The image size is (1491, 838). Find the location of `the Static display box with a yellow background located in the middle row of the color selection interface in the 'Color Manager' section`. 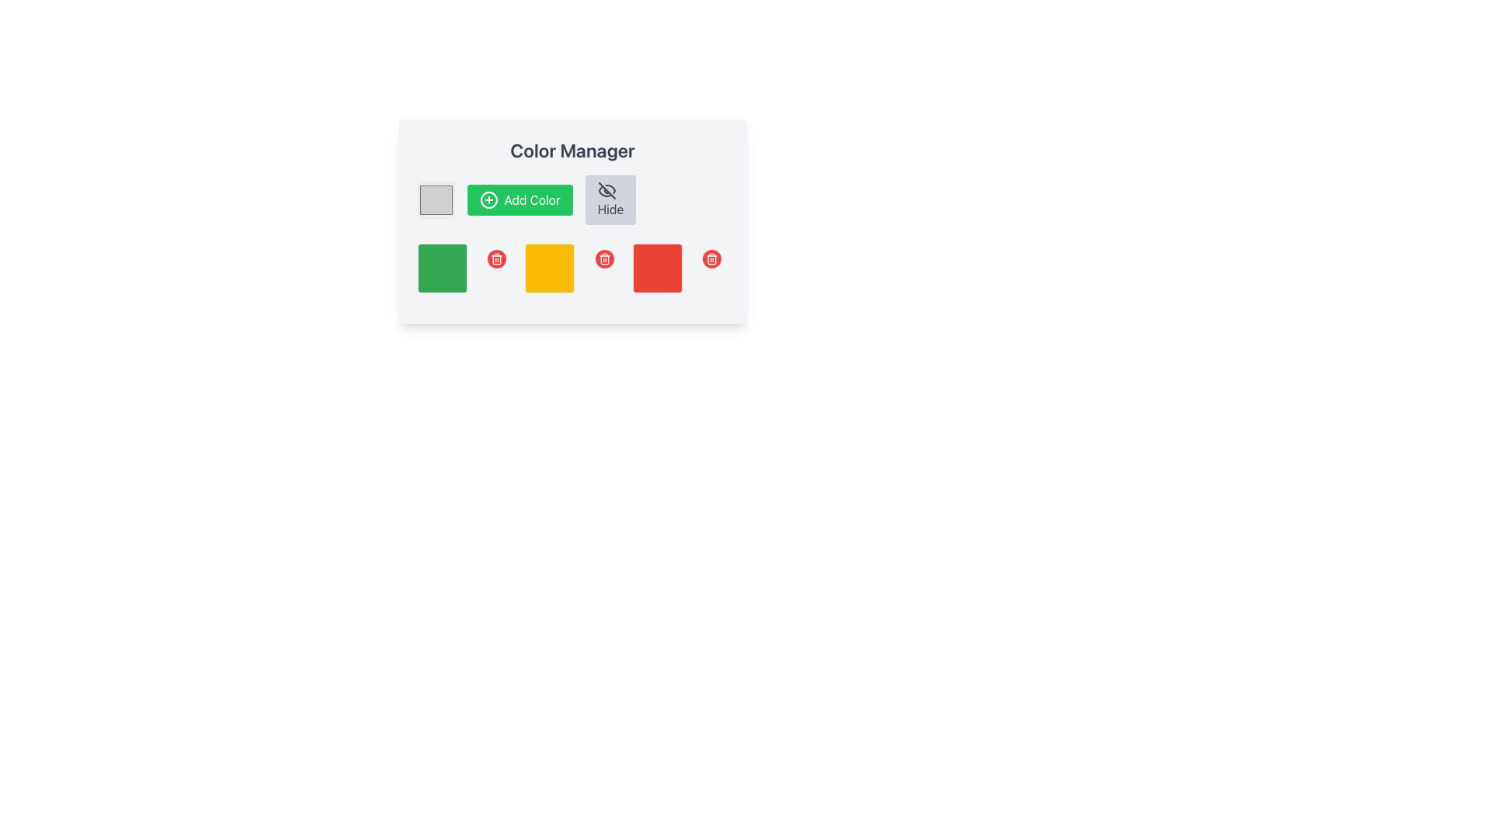

the Static display box with a yellow background located in the middle row of the color selection interface in the 'Color Manager' section is located at coordinates (550, 268).